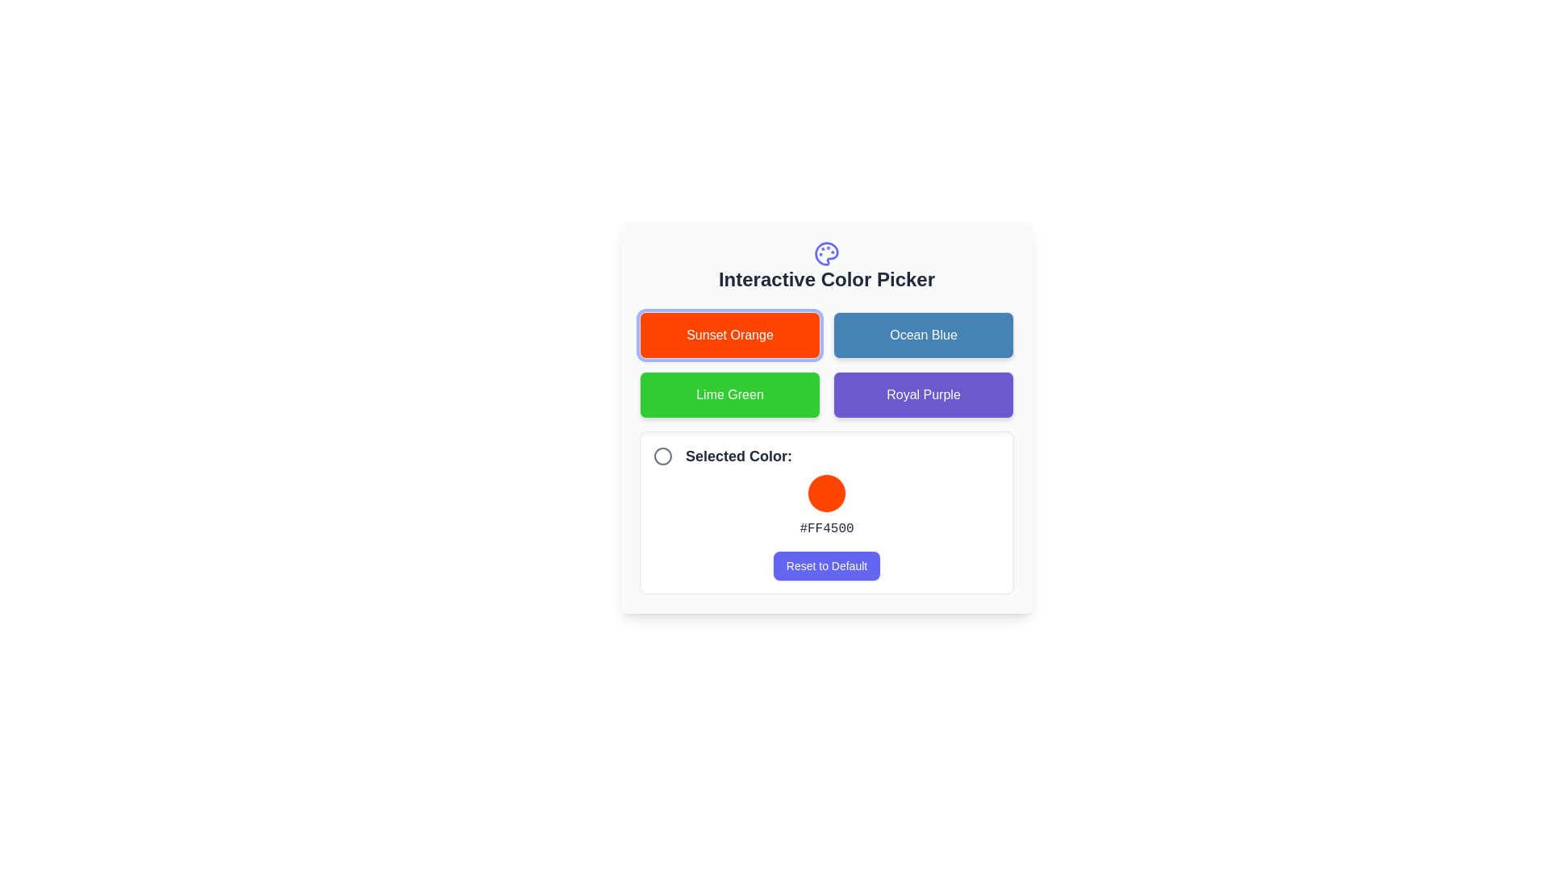  Describe the element at coordinates (729, 394) in the screenshot. I see `the Text label that indicates the selected color option within the 'Lime Green' button, which is located in the second row, first column of a 2x2 grid` at that location.